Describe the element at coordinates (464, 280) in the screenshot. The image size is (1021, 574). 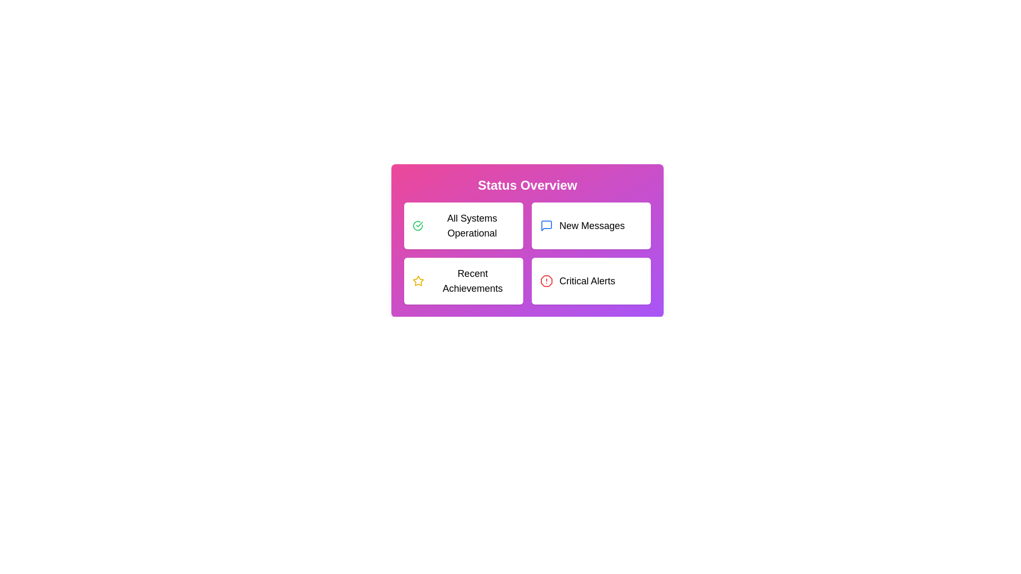
I see `the 'Recent Achievements' Display card located in the bottom-left position of the 'Status Overview' section` at that location.